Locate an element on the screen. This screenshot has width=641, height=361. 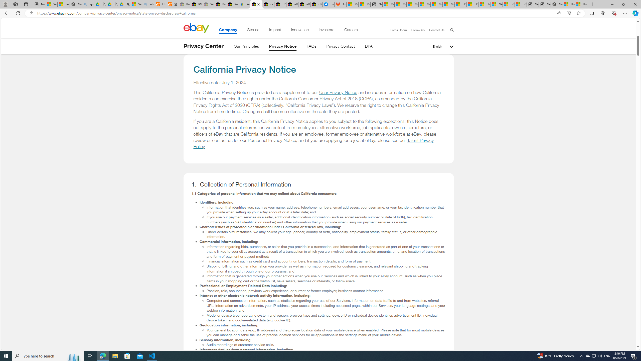
'Consumer Health Data Privacy Policy - eBay Inc.' is located at coordinates (268, 4).